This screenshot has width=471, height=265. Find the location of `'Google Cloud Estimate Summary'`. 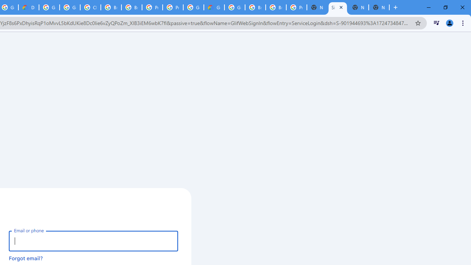

'Google Cloud Estimate Summary' is located at coordinates (214, 7).